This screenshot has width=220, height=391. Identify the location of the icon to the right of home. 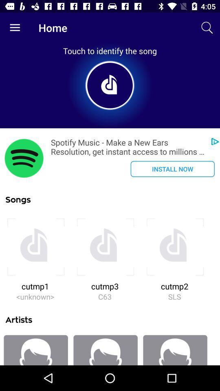
(207, 28).